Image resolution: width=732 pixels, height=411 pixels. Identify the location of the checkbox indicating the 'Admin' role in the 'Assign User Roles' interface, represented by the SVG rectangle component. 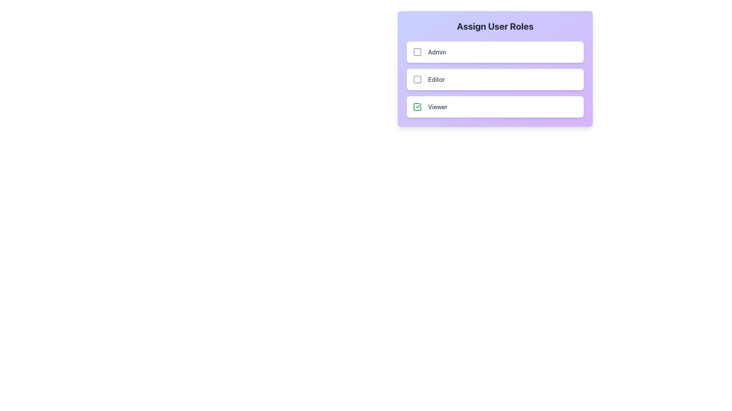
(417, 52).